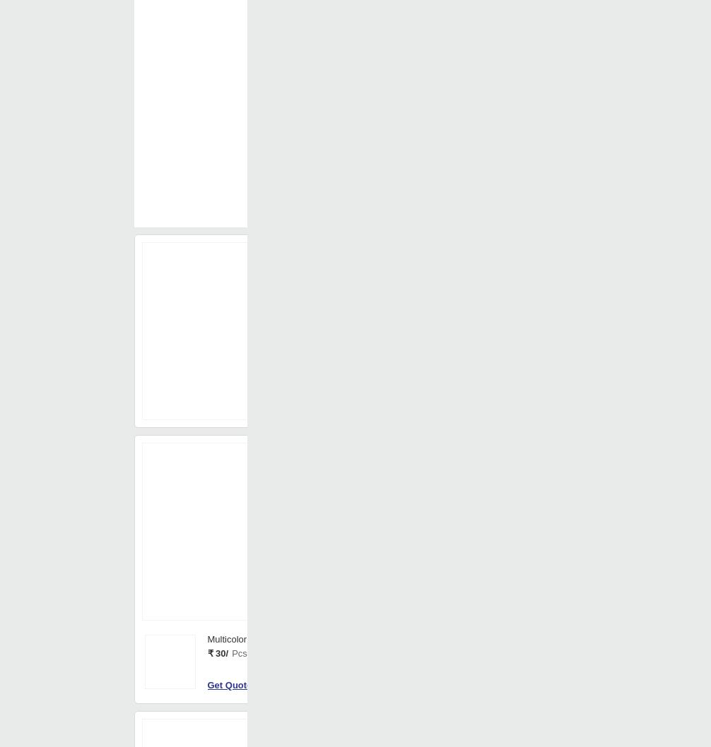 The height and width of the screenshot is (747, 711). What do you see at coordinates (351, 253) in the screenshot?
I see `'China'` at bounding box center [351, 253].